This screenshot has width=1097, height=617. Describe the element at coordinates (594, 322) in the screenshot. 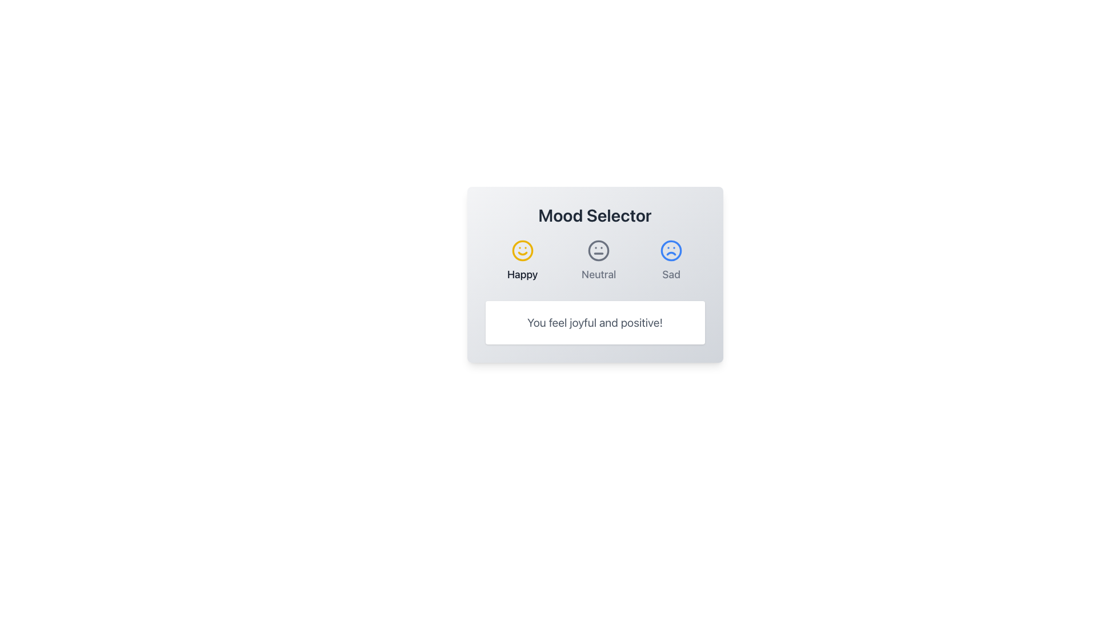

I see `the Text Display element located at the bottom of the 'Mood Selector' card, which shows the user's selected mood response` at that location.